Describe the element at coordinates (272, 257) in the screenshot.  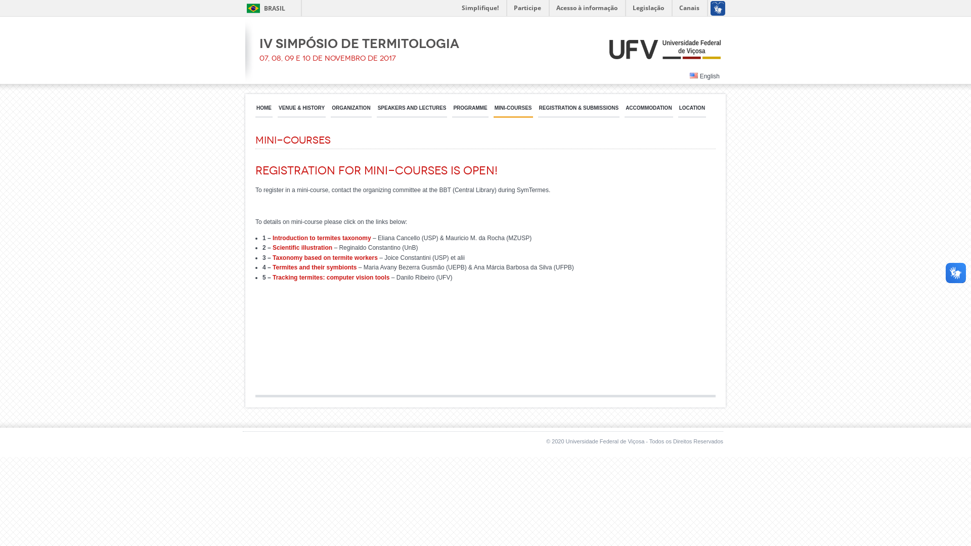
I see `'Taxonomy based on termite workers'` at that location.